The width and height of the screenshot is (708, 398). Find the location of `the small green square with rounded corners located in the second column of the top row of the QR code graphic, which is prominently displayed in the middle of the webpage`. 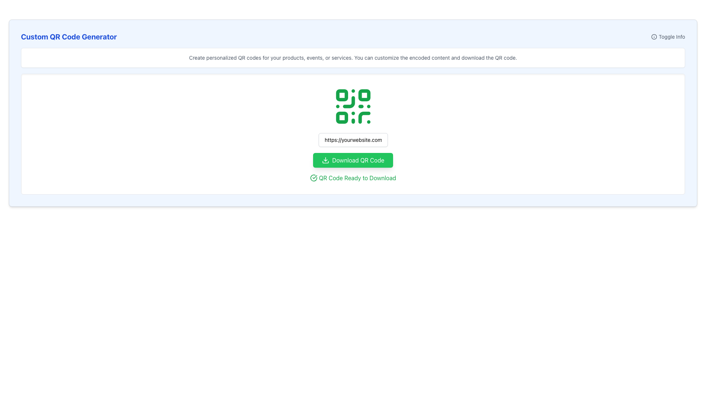

the small green square with rounded corners located in the second column of the top row of the QR code graphic, which is prominently displayed in the middle of the webpage is located at coordinates (364, 95).